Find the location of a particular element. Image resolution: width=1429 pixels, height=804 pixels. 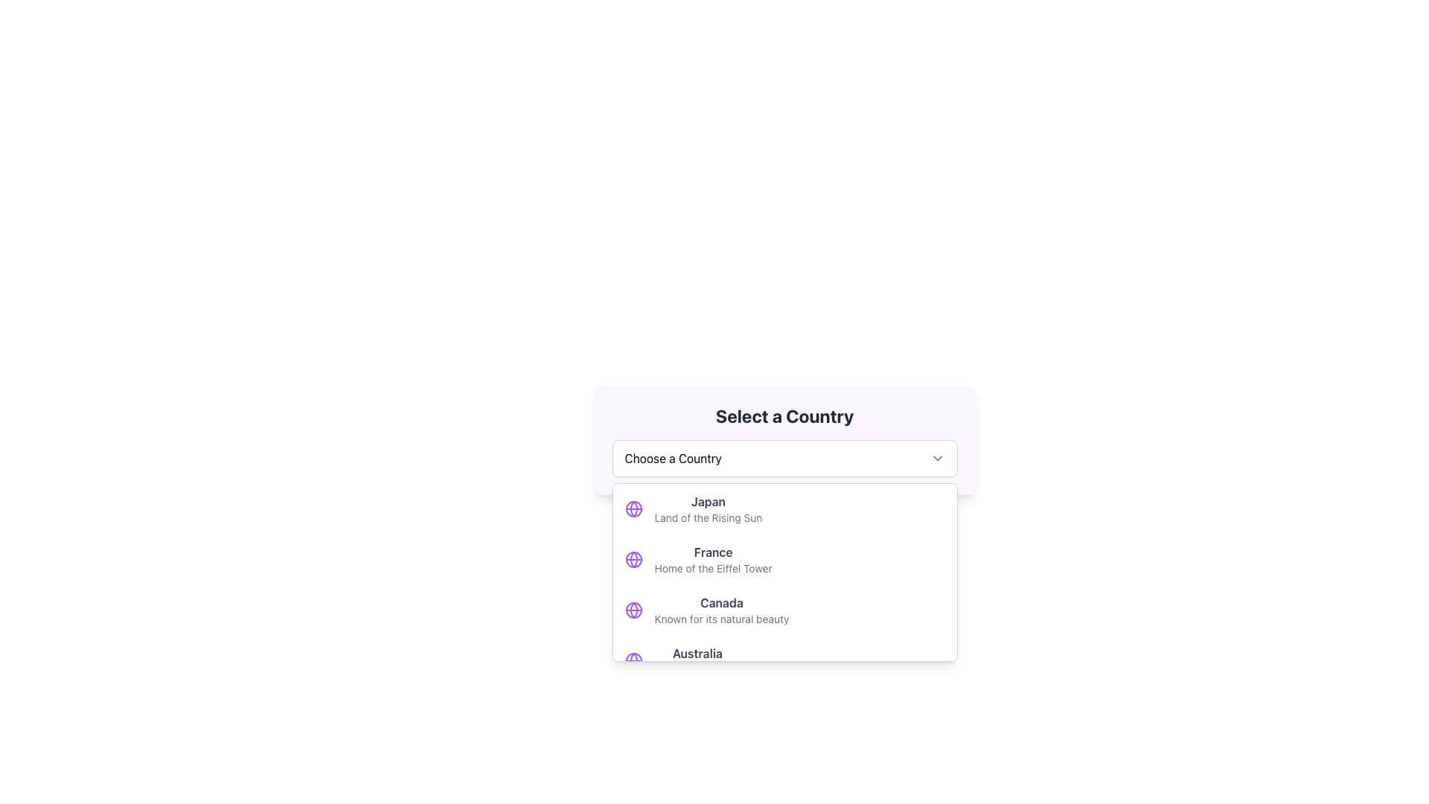

the title text for the list item representing 'Canada' in the dropdown menu 'Select a Country' is located at coordinates (721, 603).